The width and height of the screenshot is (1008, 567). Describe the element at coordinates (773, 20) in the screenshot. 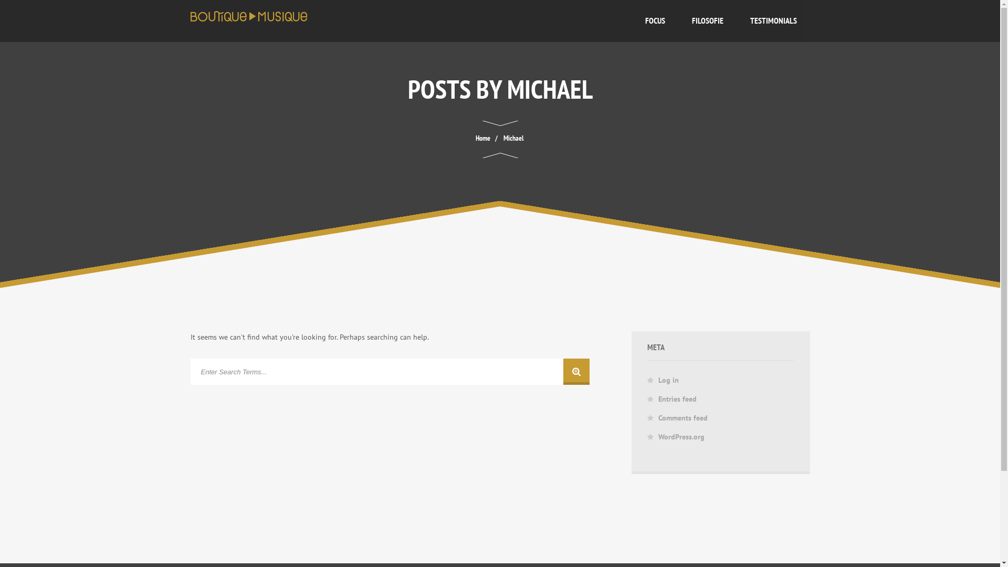

I see `'TESTIMONIALS'` at that location.